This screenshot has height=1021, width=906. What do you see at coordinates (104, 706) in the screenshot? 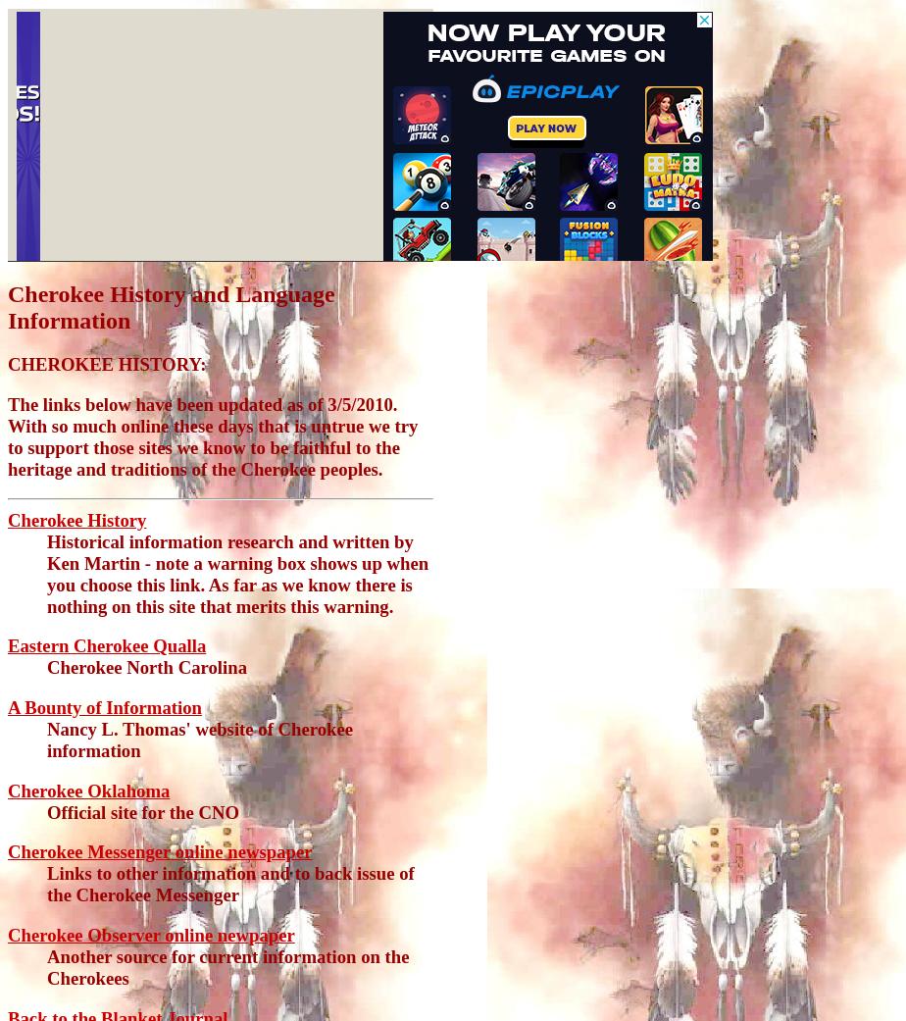
I see `'A Bounty of Information'` at bounding box center [104, 706].